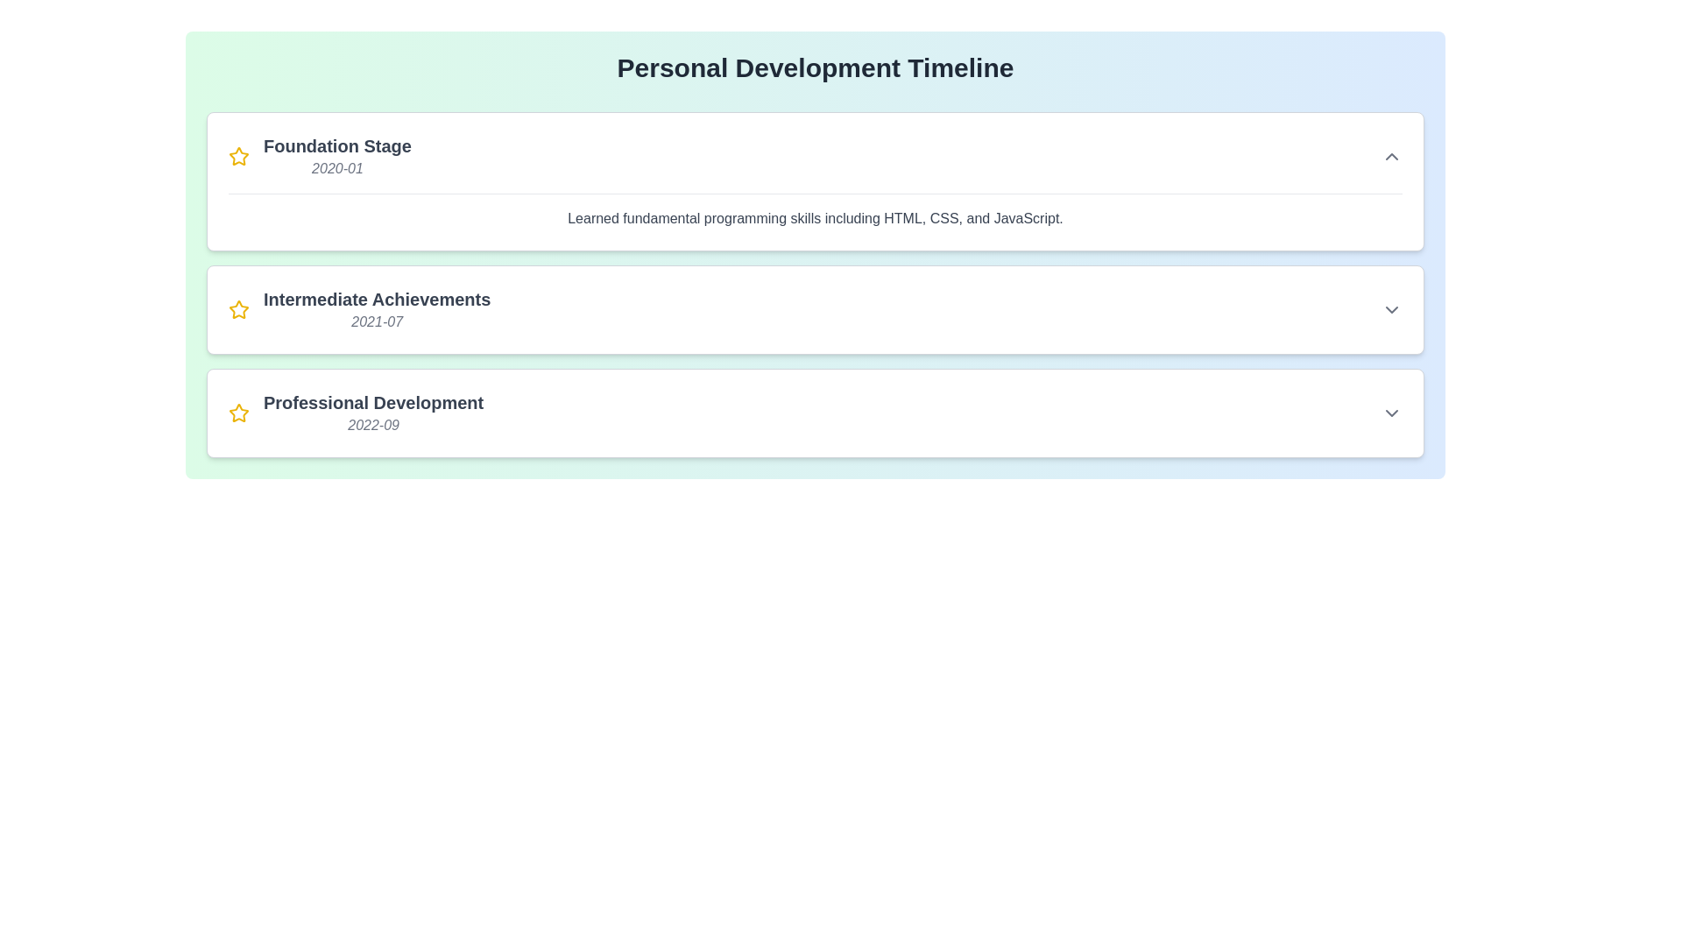  Describe the element at coordinates (238, 413) in the screenshot. I see `the icon located in the third box under the 'Personal Development Timeline' section, which serves as a visual indicator for 'Professional Development'` at that location.